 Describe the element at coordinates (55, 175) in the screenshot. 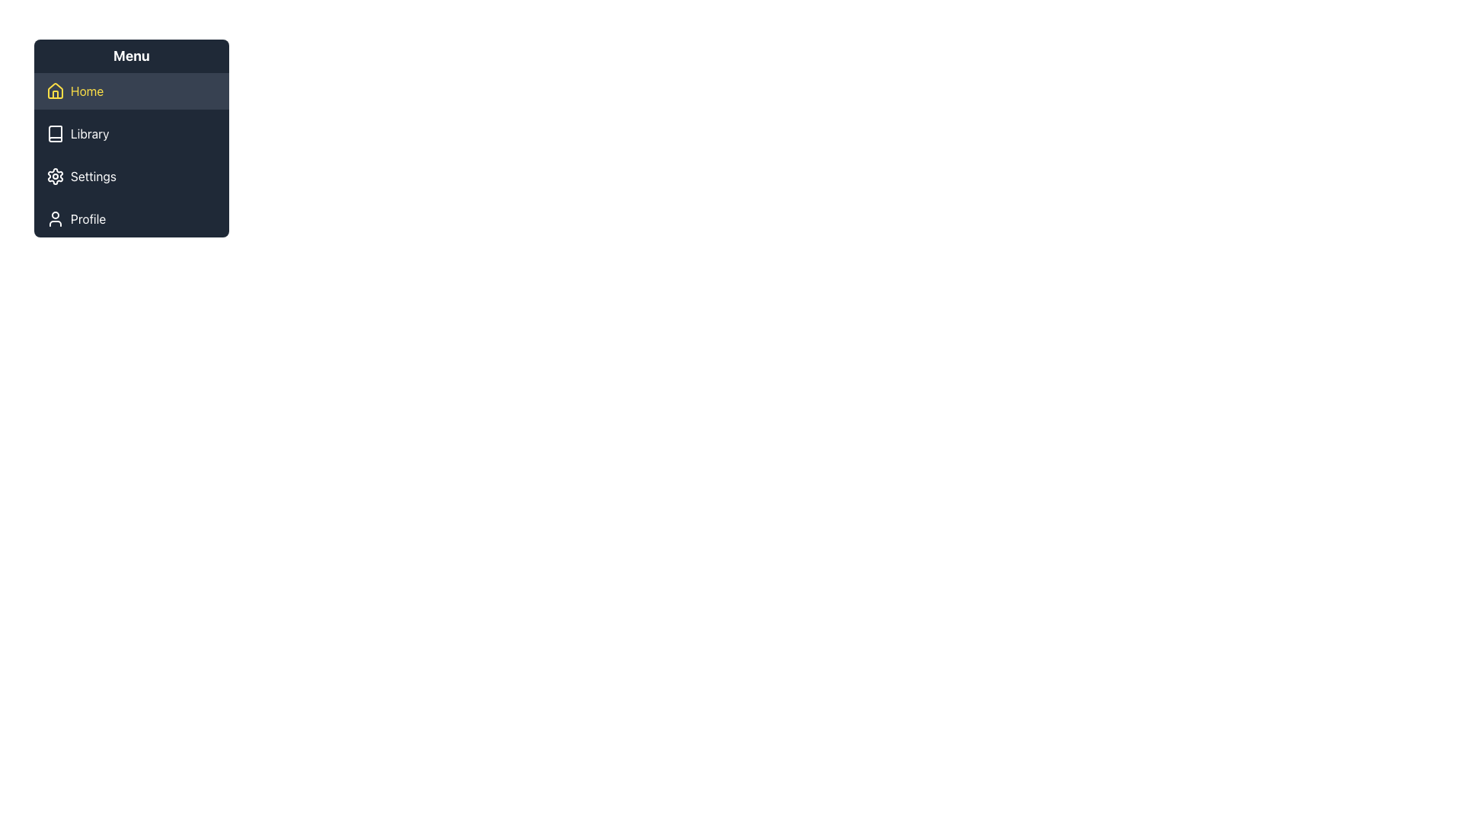

I see `the gear-shaped icon representing settings, located to the left of the word 'Settings' in the menu, to highlight the settings menu` at that location.